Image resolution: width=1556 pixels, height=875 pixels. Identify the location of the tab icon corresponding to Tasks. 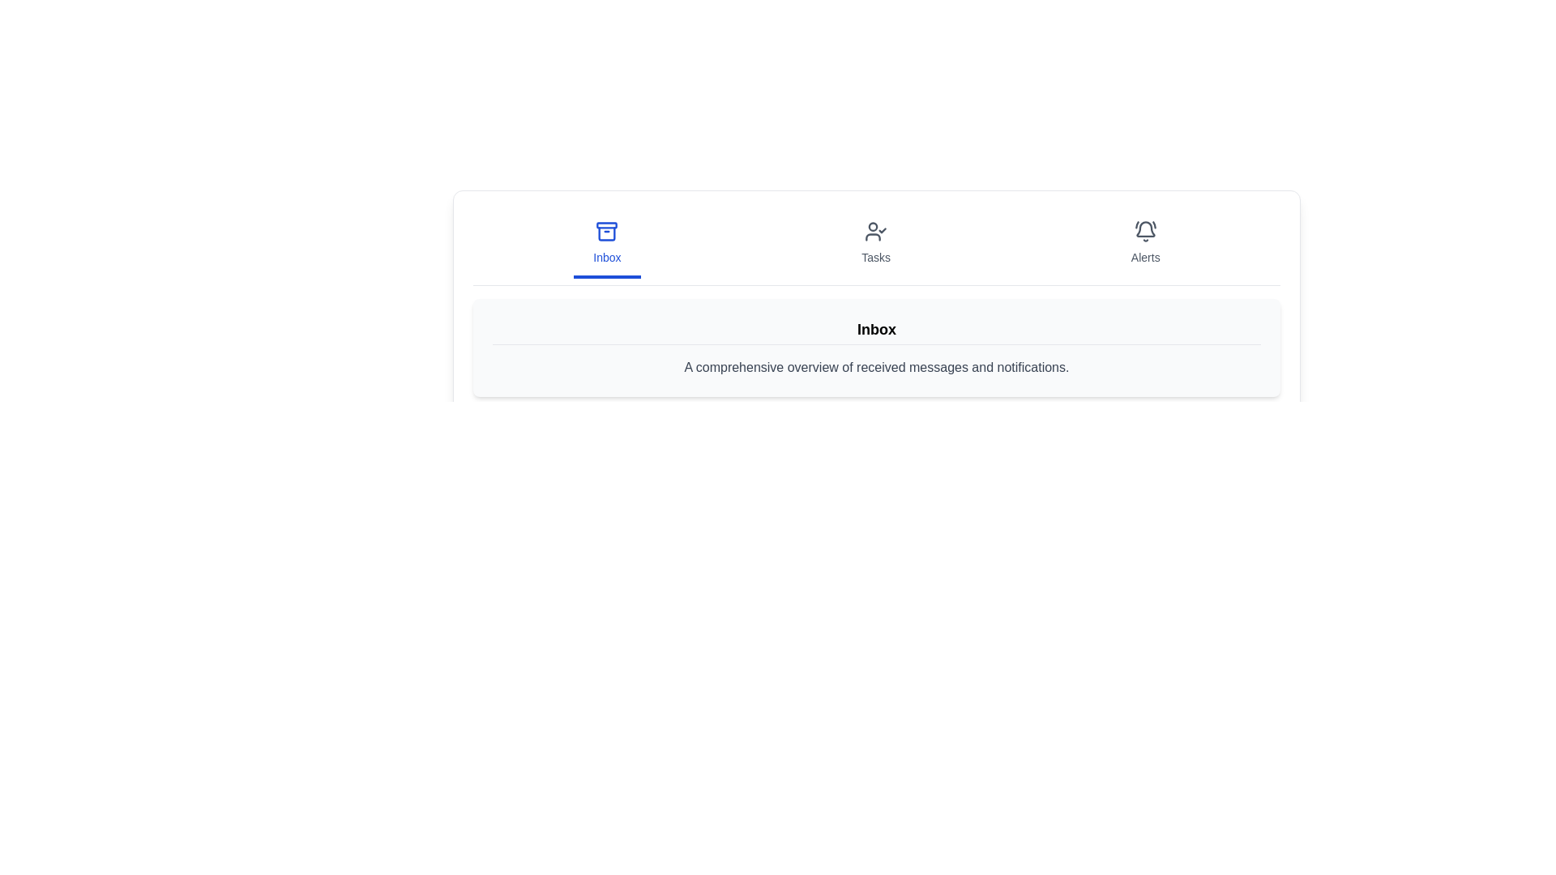
(875, 244).